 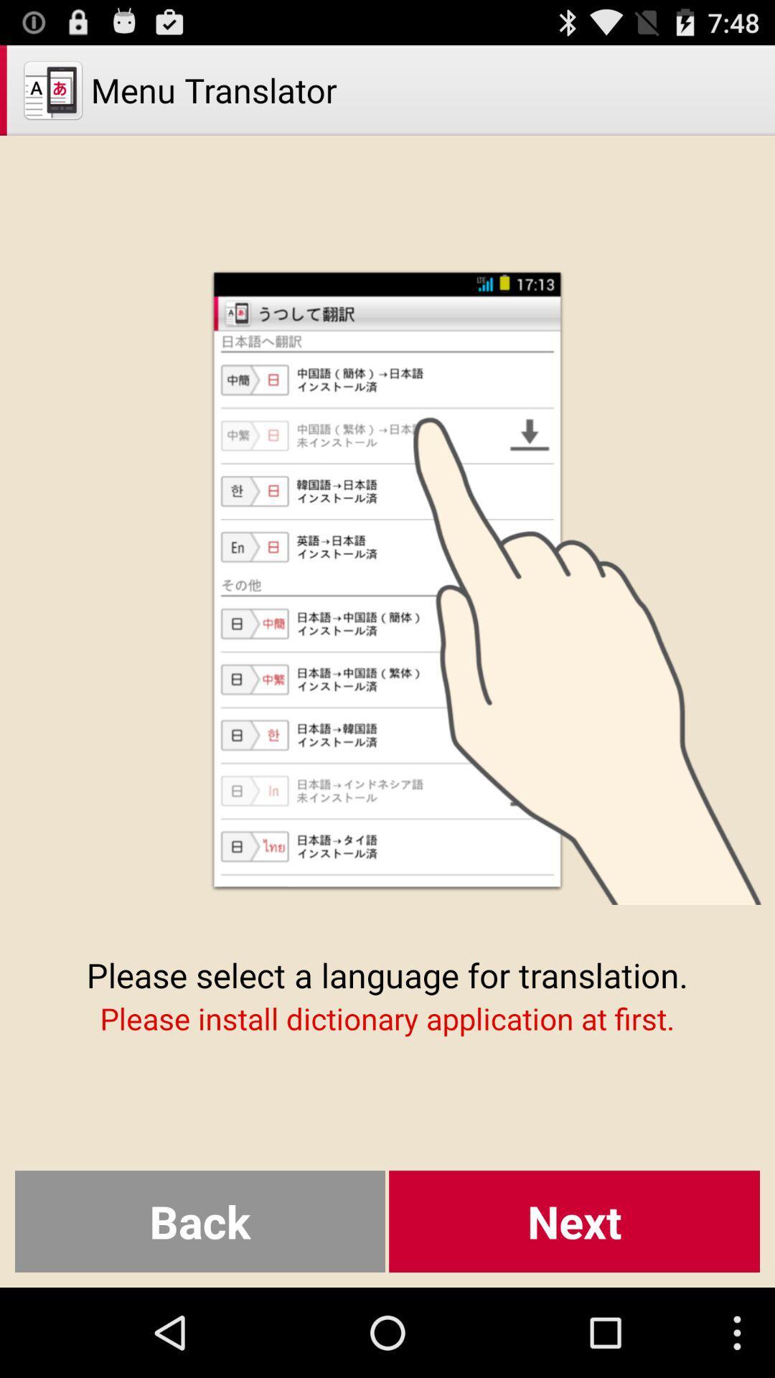 I want to click on next item, so click(x=573, y=1221).